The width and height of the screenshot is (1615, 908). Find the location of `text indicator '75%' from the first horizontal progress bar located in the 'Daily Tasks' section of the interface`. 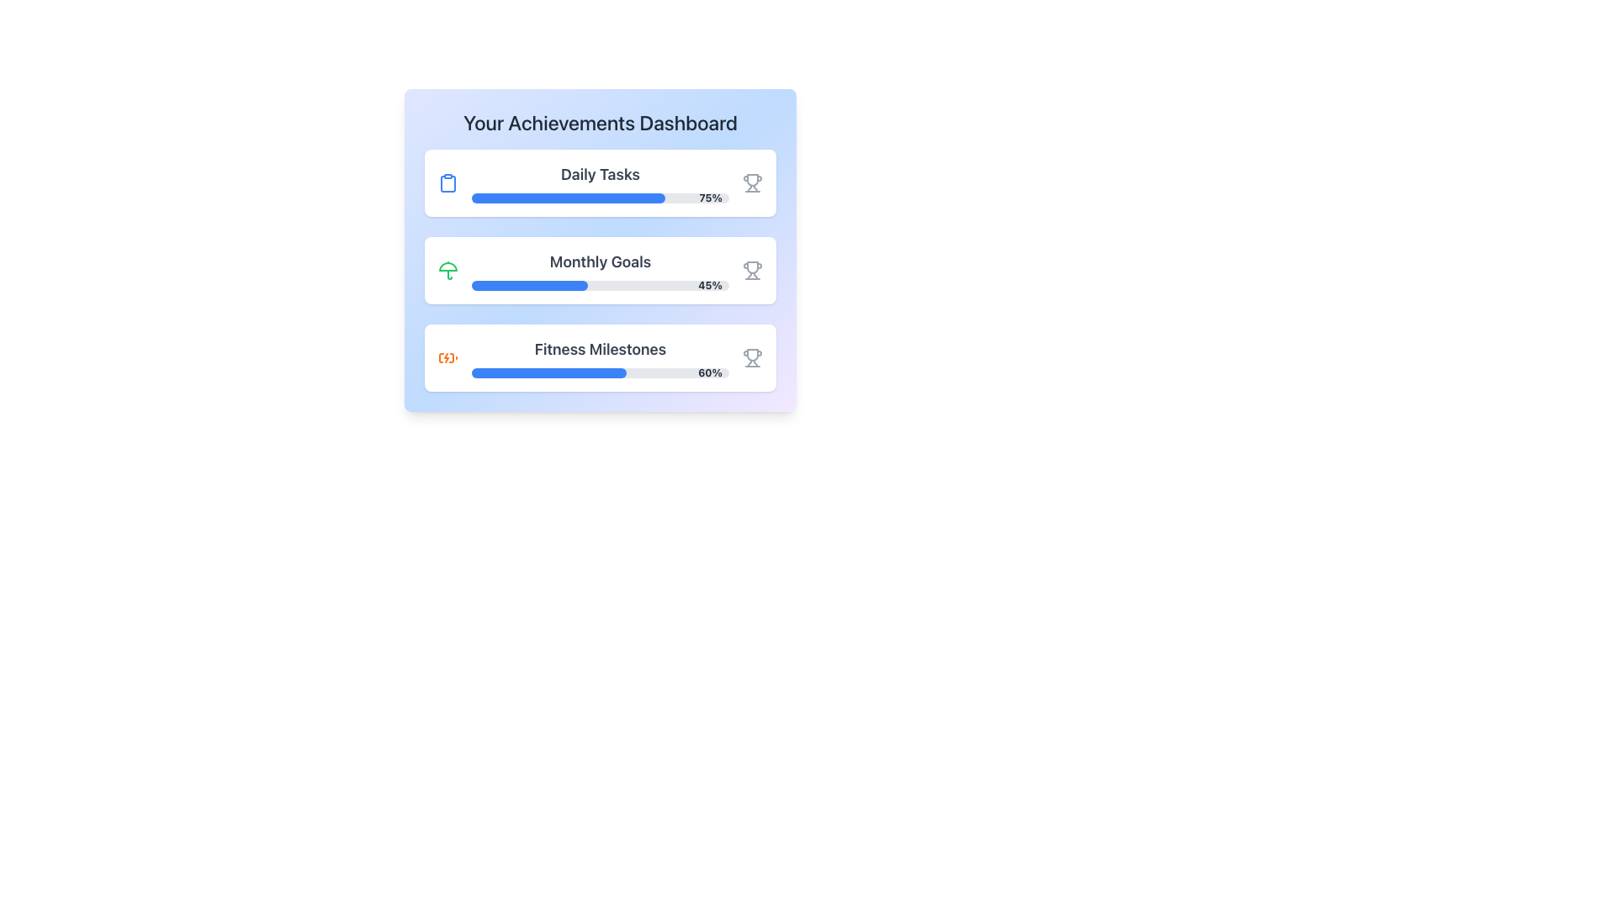

text indicator '75%' from the first horizontal progress bar located in the 'Daily Tasks' section of the interface is located at coordinates (601, 197).